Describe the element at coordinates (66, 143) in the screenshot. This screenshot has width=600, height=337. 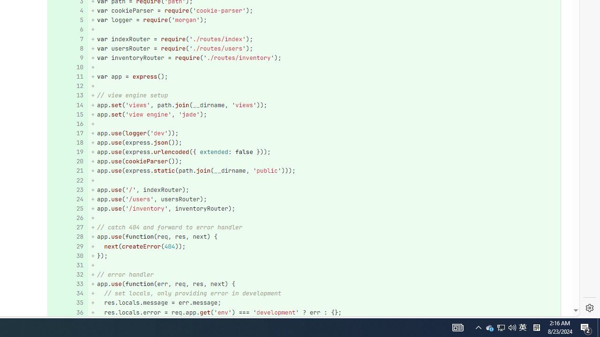
I see `'18'` at that location.